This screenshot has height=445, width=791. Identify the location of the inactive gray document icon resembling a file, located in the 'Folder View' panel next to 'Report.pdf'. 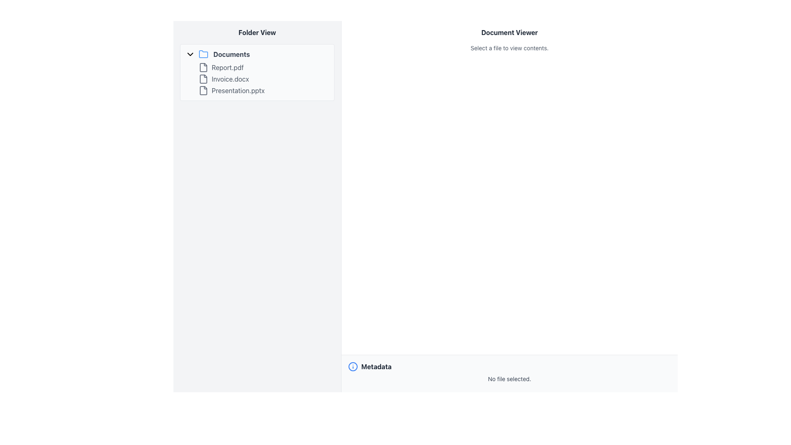
(204, 67).